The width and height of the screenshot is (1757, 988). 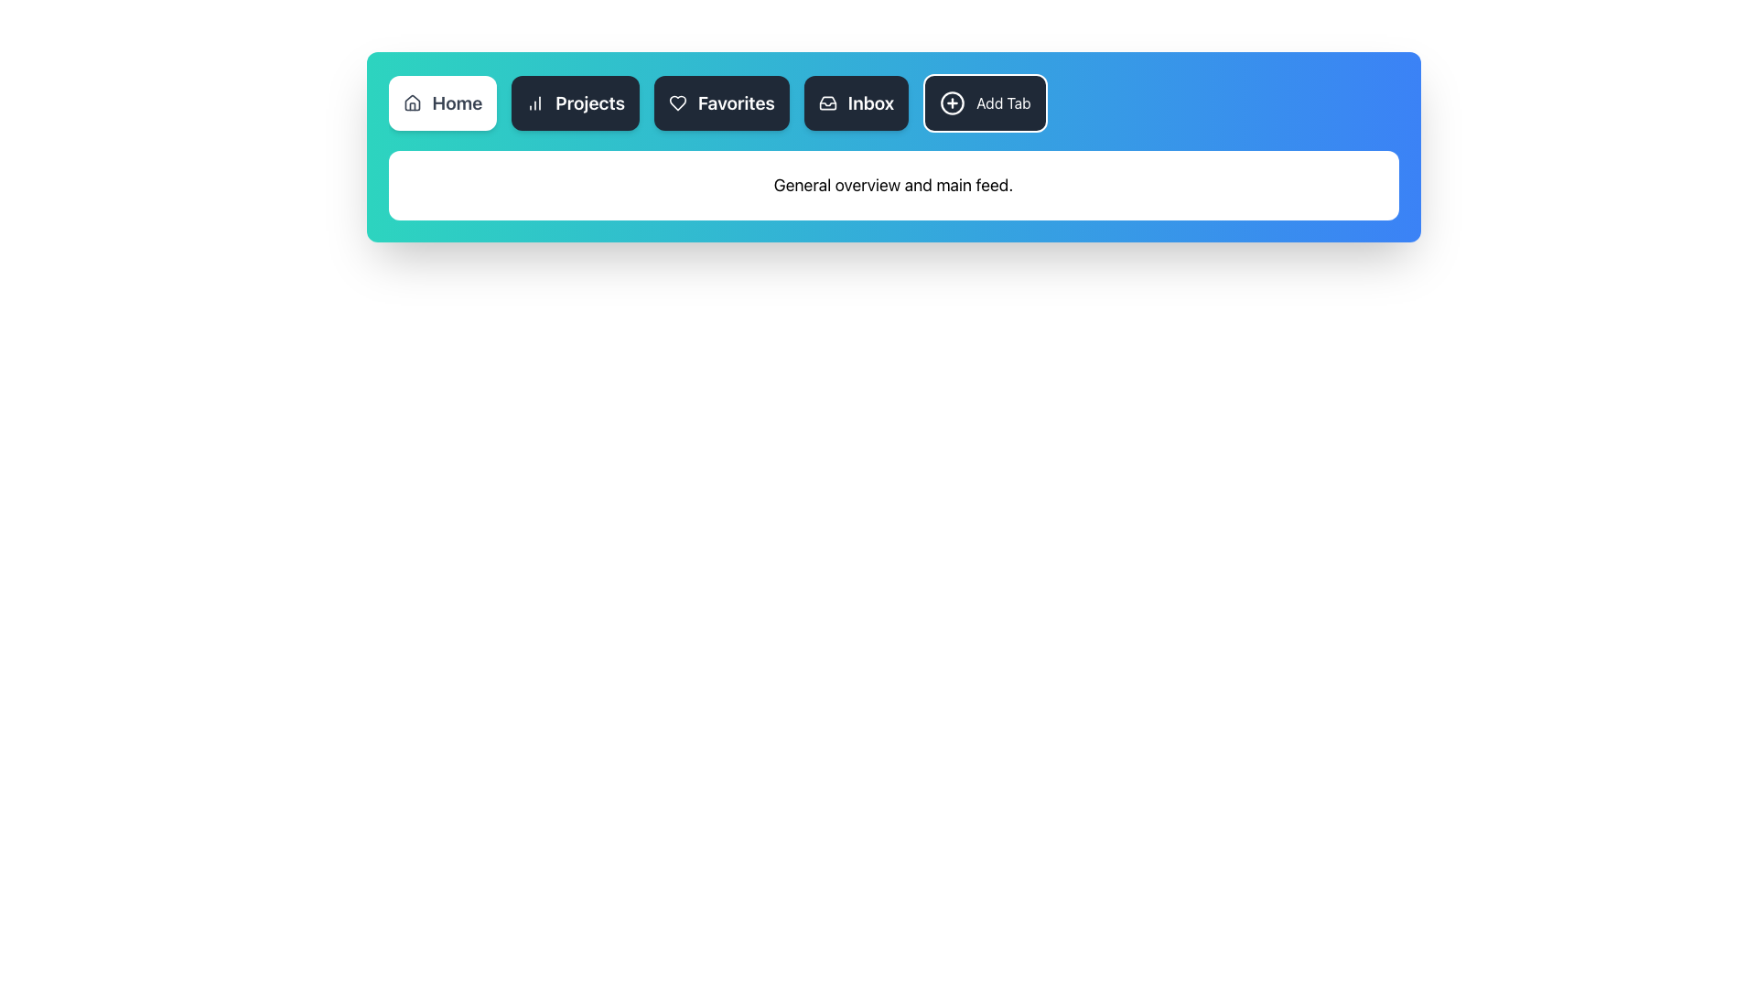 What do you see at coordinates (826, 102) in the screenshot?
I see `the SVG icon shaped like a rectangular inbox tray, which is part of the 'Inbox' button located between the 'Favorites' and 'Add Tab' buttons` at bounding box center [826, 102].